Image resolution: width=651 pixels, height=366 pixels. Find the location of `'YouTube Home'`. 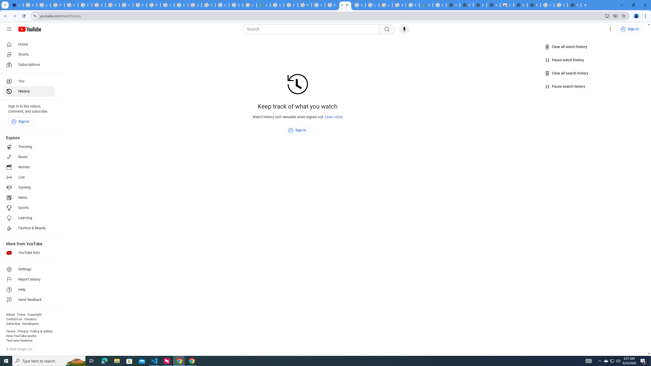

'YouTube Home' is located at coordinates (29, 29).